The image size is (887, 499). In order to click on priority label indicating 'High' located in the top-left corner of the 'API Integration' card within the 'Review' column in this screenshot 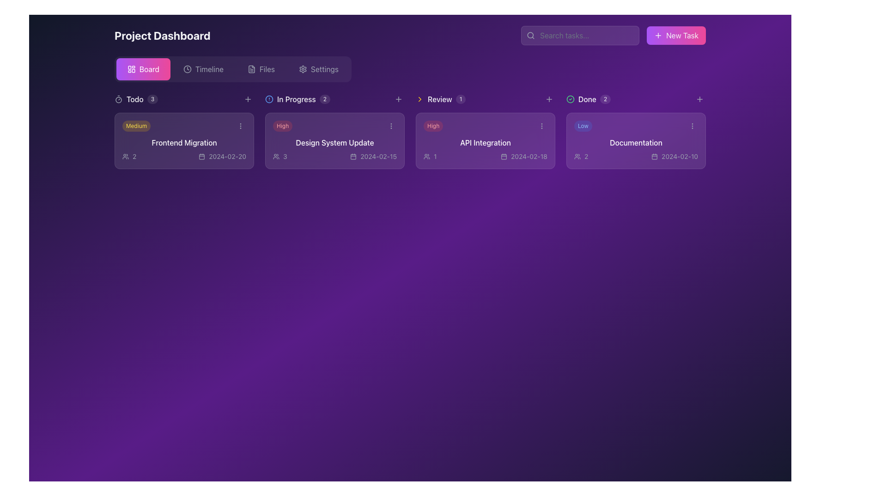, I will do `click(433, 126)`.